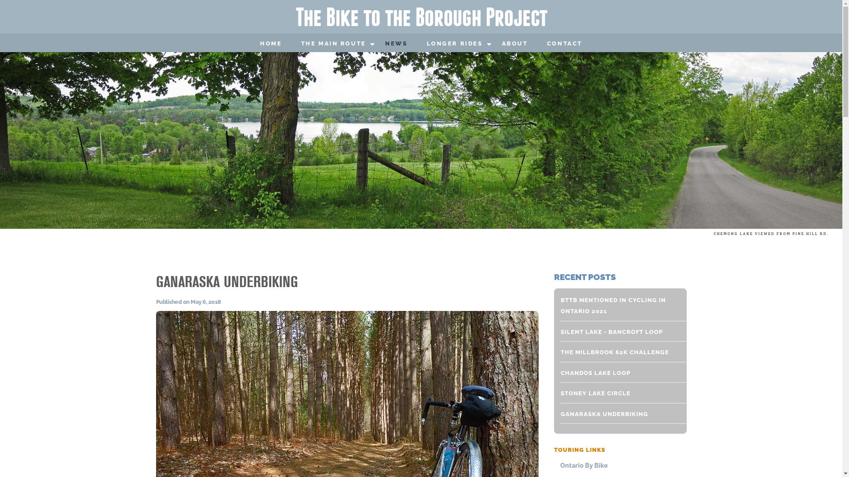 The width and height of the screenshot is (849, 477). Describe the element at coordinates (618, 305) in the screenshot. I see `'BTTB MENTIONED IN CYCLING IN ONTARIO 2021'` at that location.